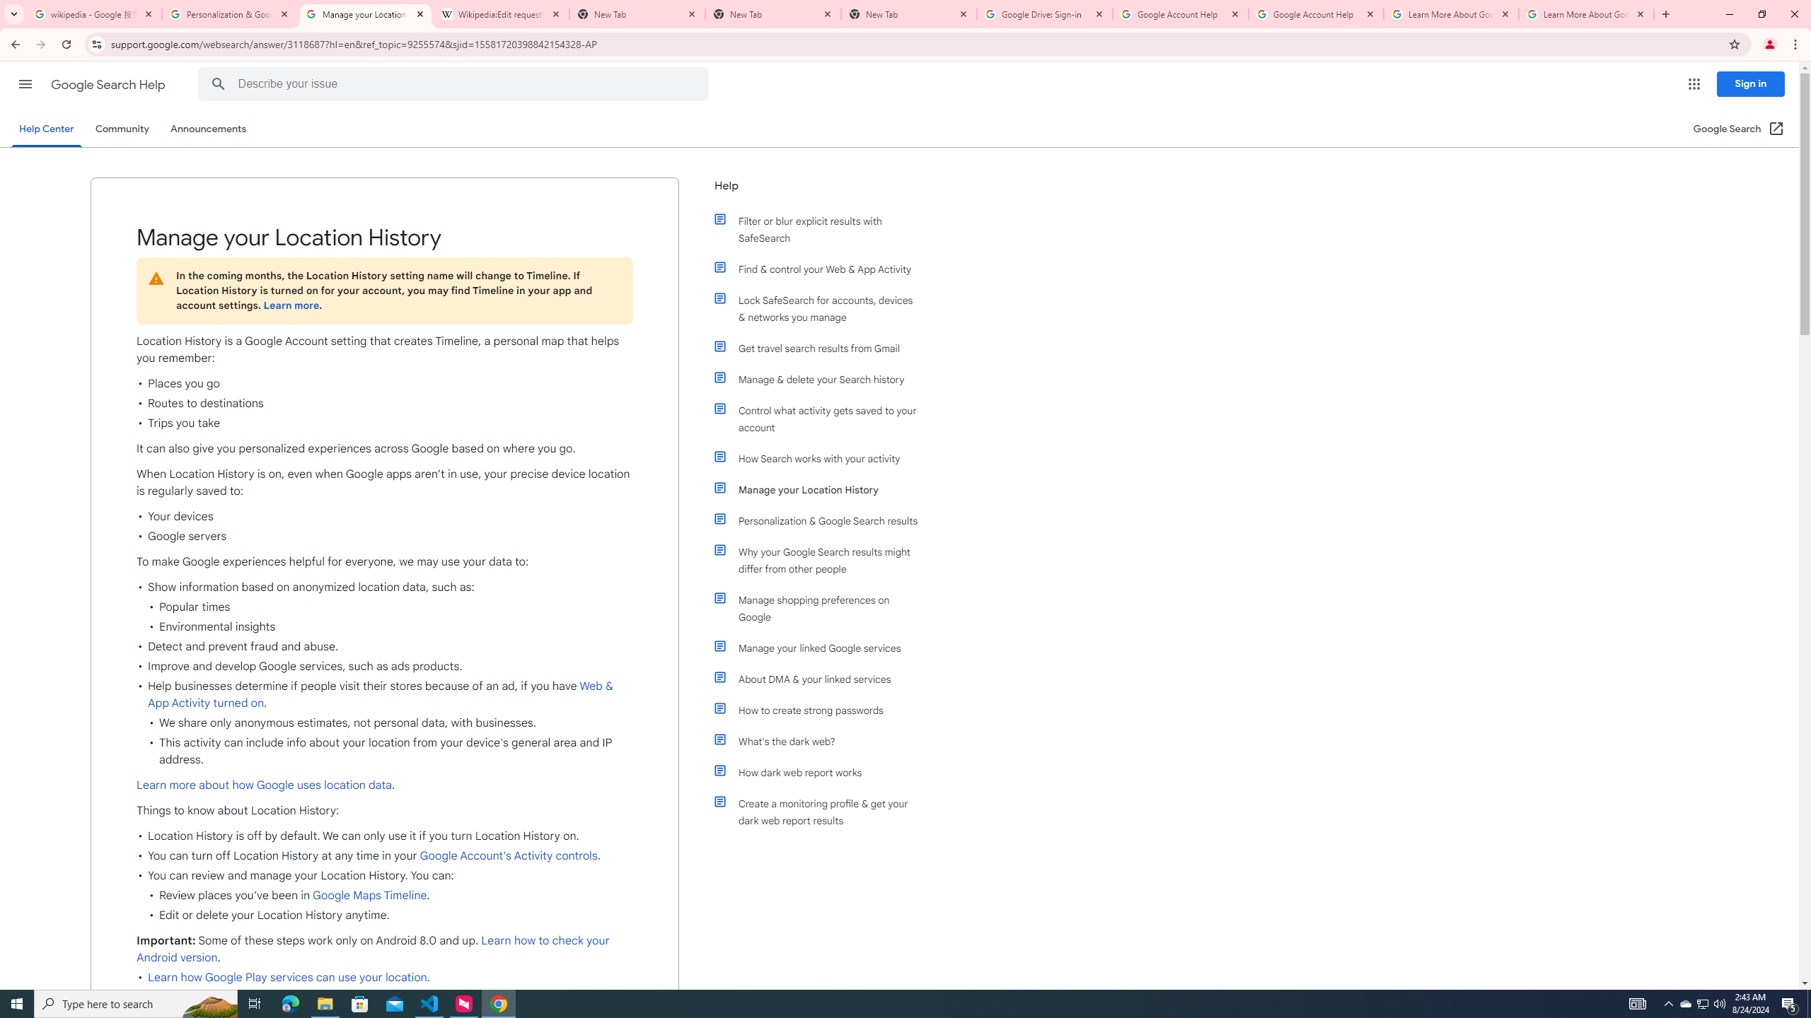  I want to click on 'Lock SafeSearch for accounts, devices & networks you manage', so click(822, 308).